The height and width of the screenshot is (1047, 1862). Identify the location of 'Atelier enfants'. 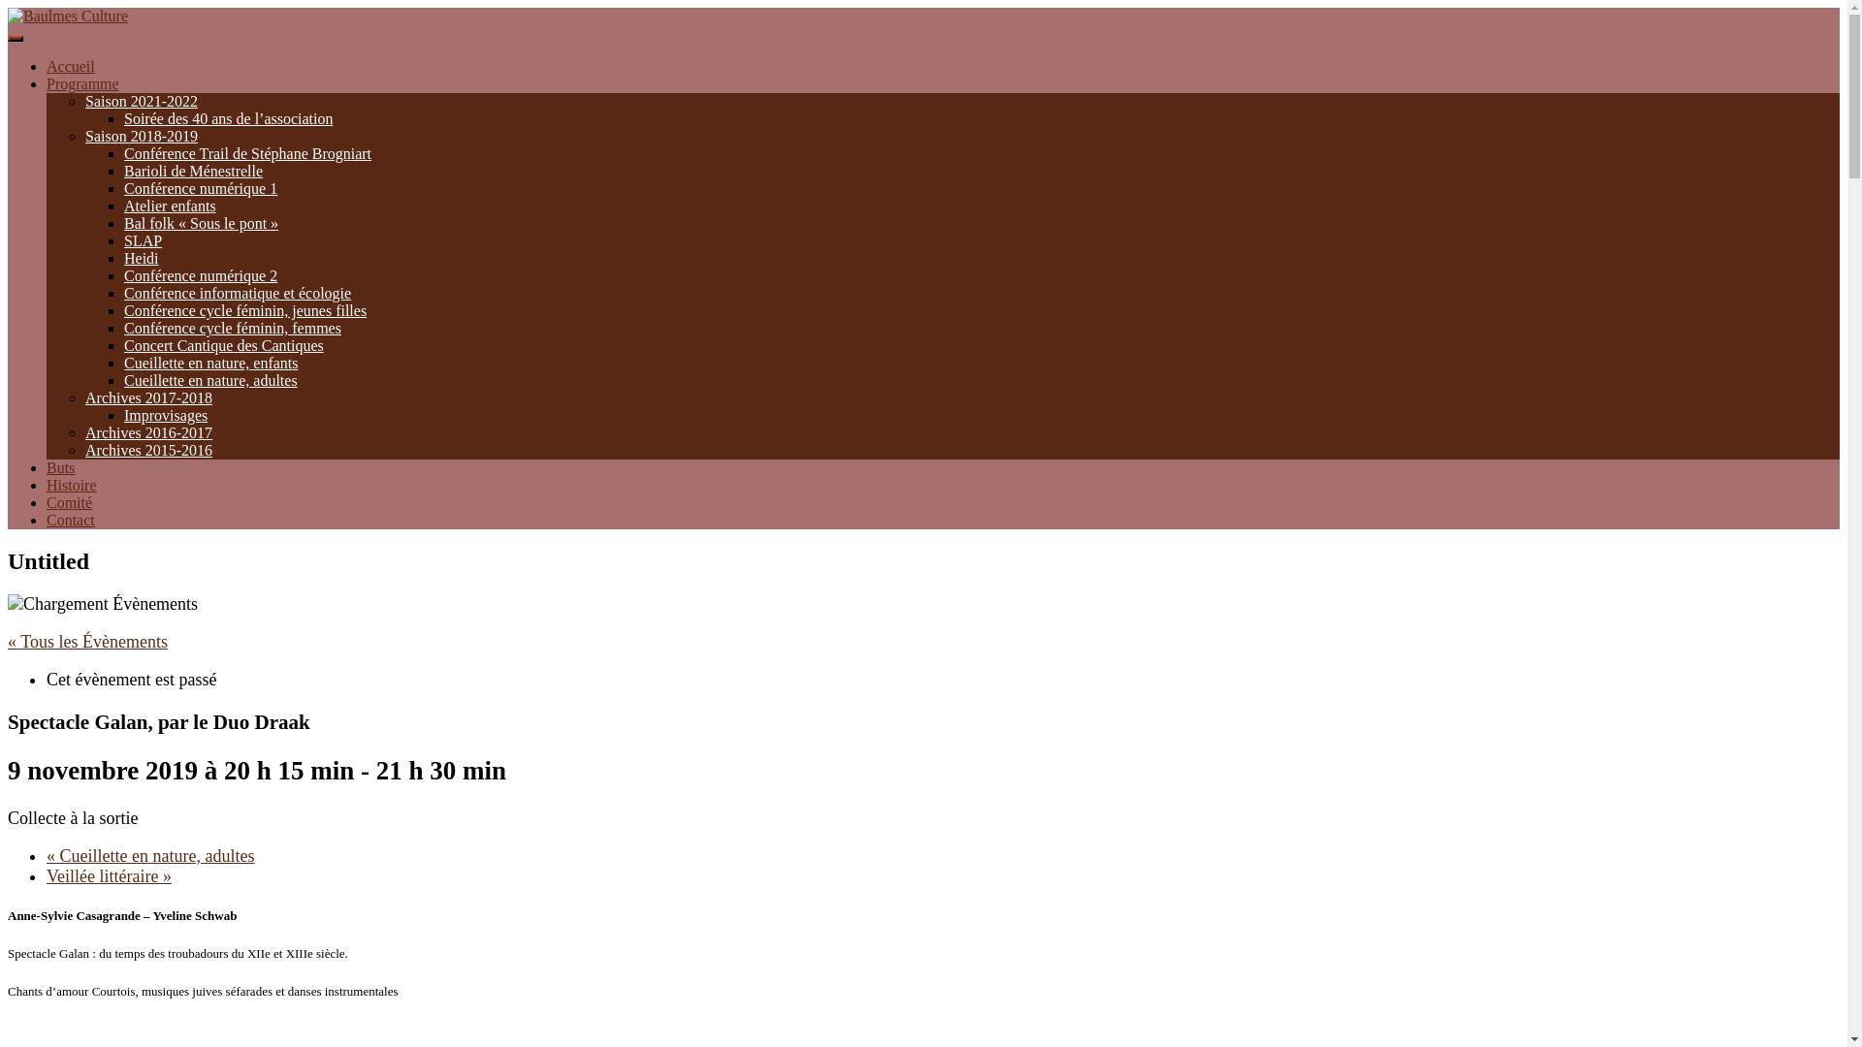
(170, 206).